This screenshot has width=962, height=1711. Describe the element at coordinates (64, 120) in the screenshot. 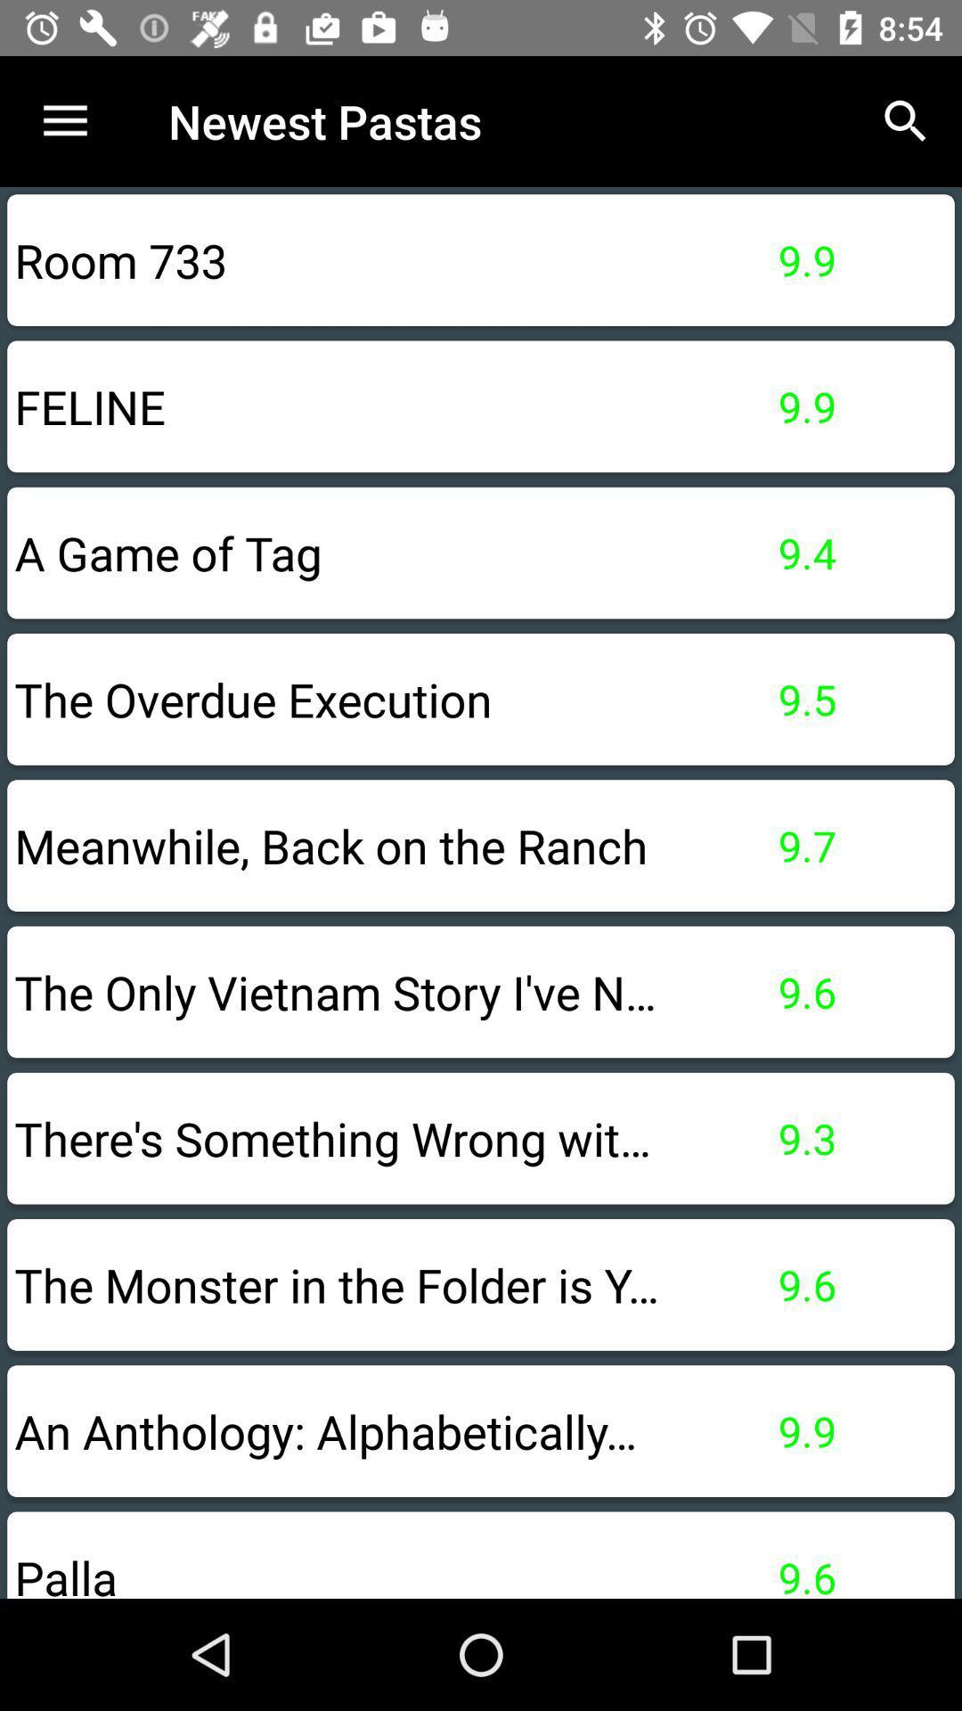

I see `the item to the left of newest pastas icon` at that location.